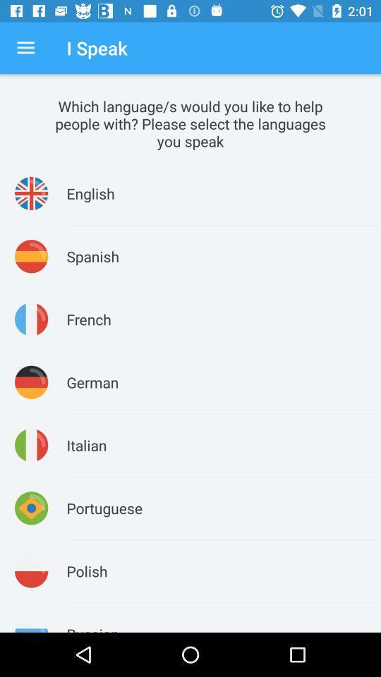  I want to click on the item to the left of i speak item, so click(25, 48).